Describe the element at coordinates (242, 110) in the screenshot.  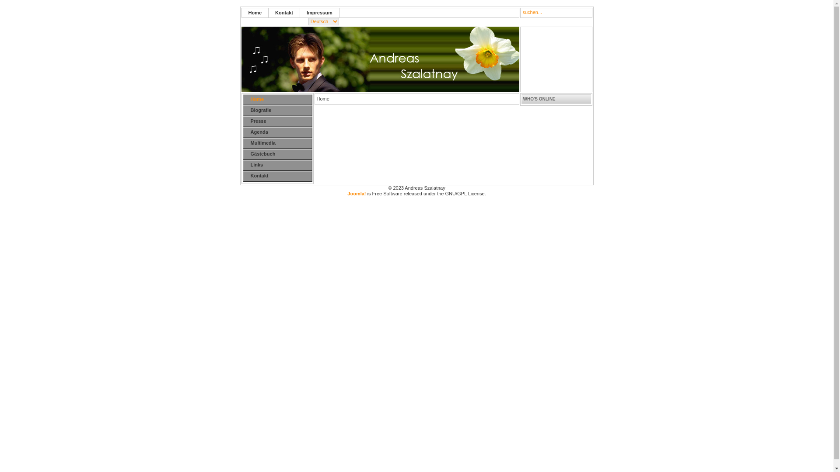
I see `'Biografie'` at that location.